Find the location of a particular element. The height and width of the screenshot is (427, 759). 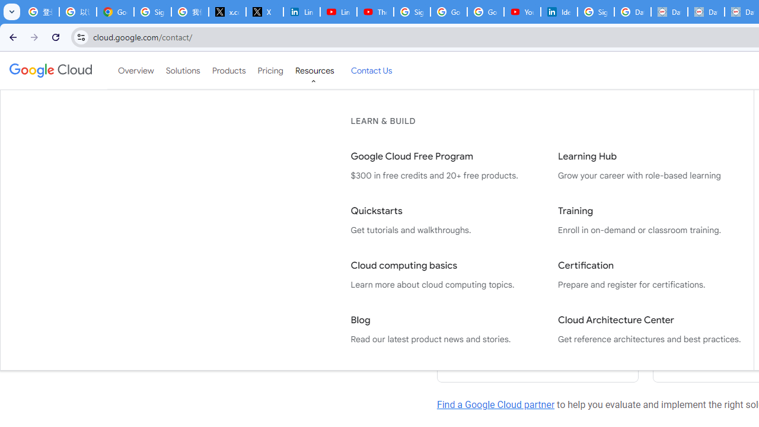

'X' is located at coordinates (264, 12).